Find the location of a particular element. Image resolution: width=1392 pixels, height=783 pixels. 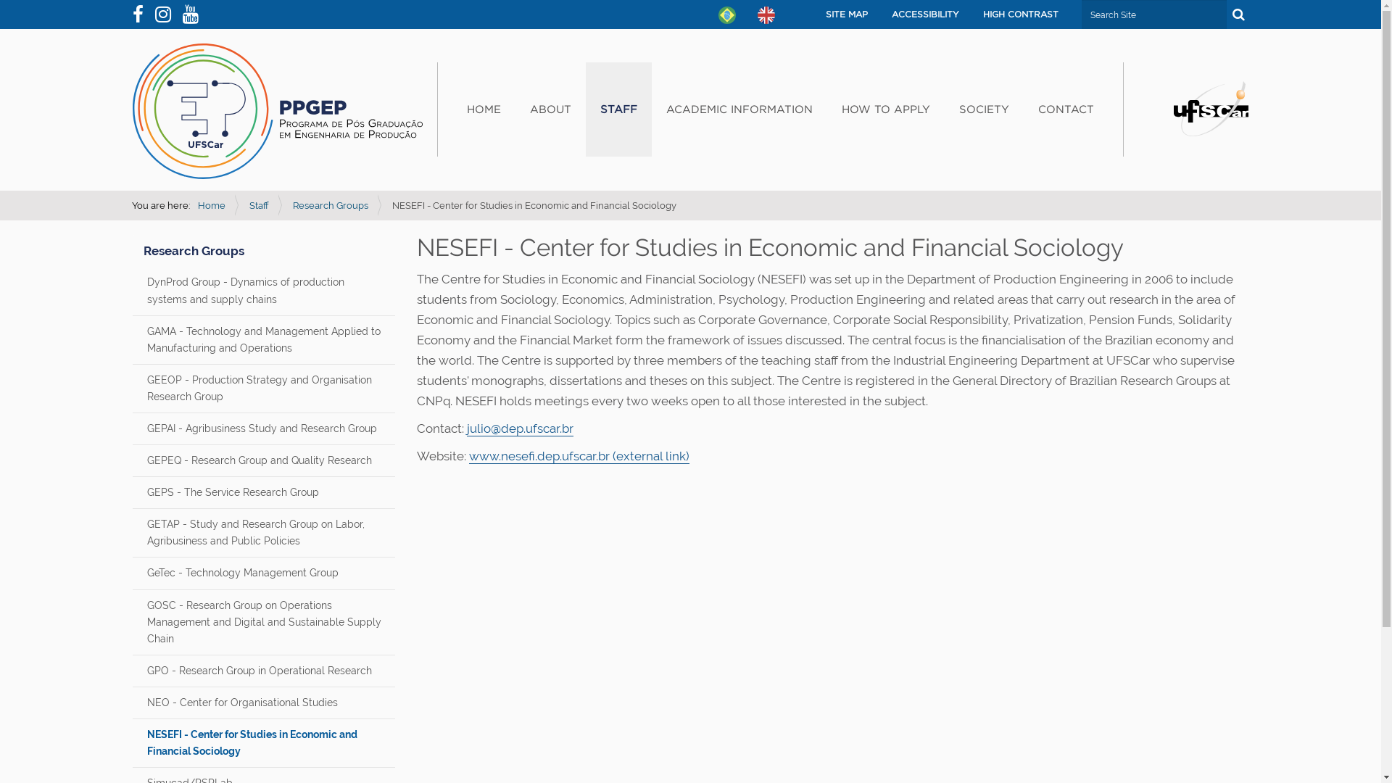

'NEO - Center for Organisational Studies' is located at coordinates (263, 701).